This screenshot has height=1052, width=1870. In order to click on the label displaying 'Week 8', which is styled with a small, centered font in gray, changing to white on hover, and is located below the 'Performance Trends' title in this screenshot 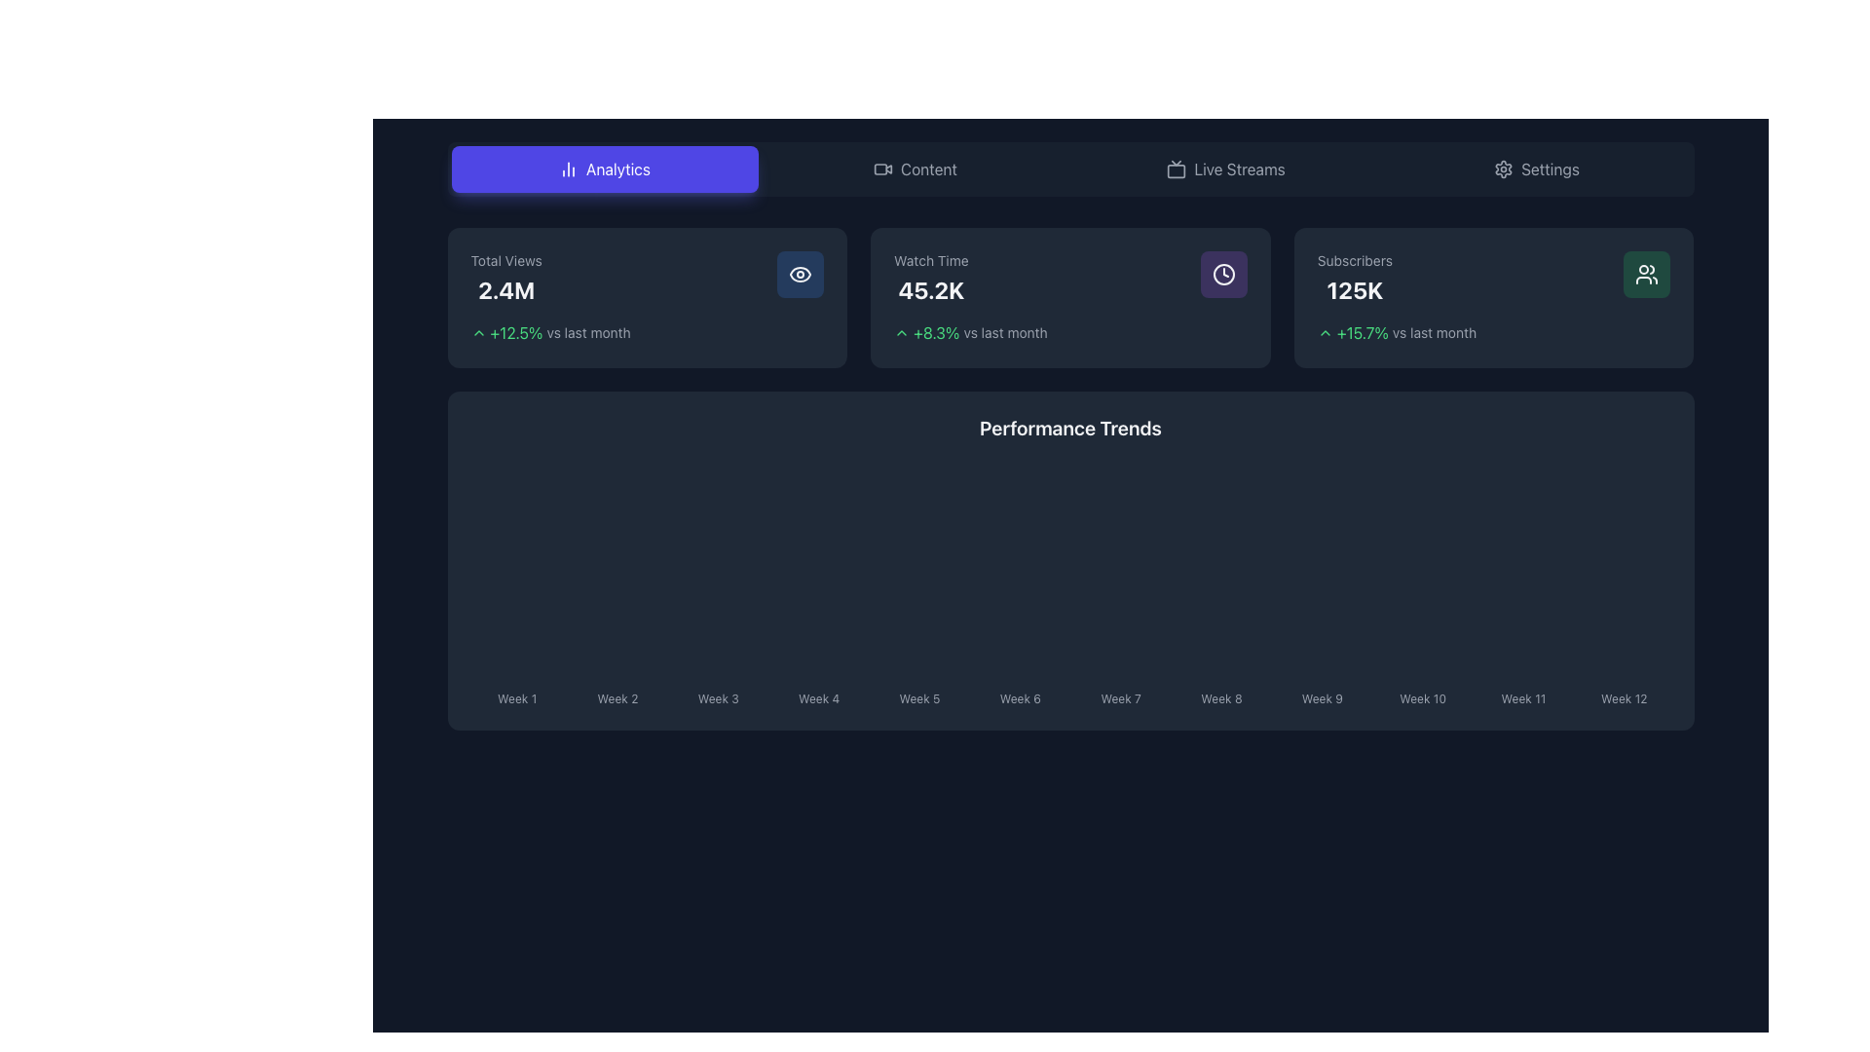, I will do `click(1220, 694)`.